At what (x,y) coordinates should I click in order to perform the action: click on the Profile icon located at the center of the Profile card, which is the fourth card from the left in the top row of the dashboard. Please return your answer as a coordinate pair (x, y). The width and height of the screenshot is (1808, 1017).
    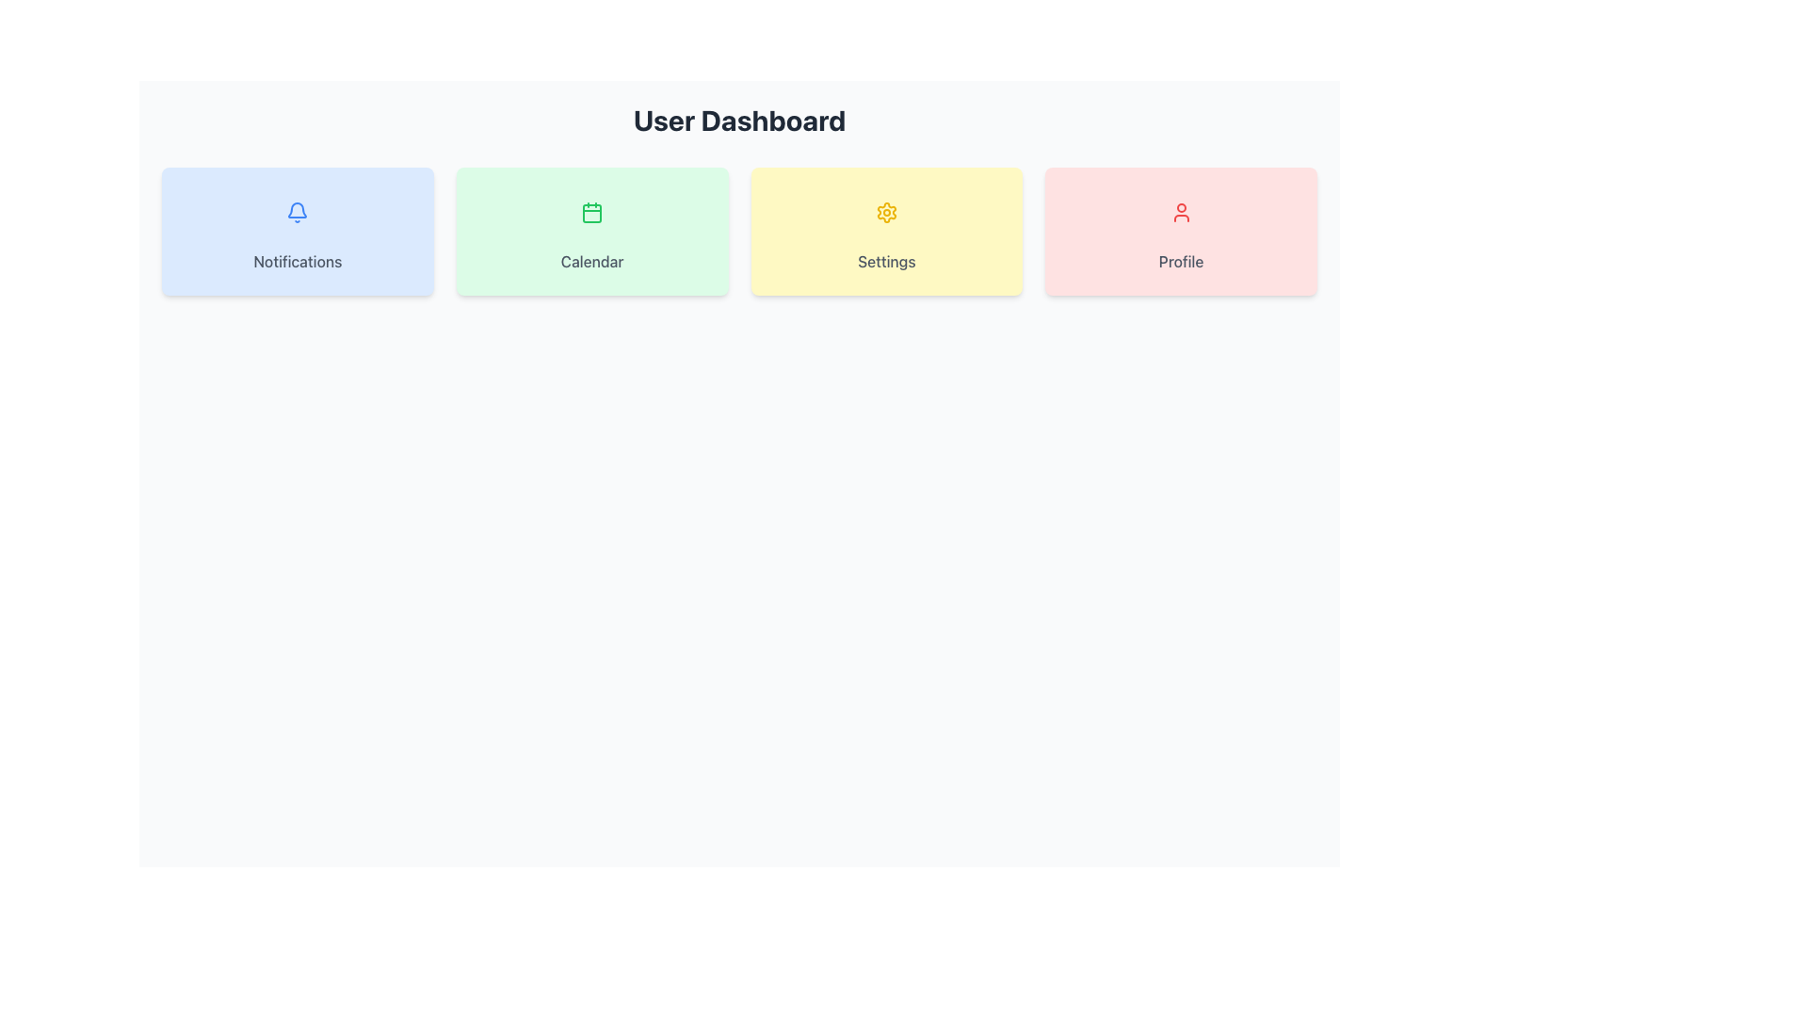
    Looking at the image, I should click on (1180, 212).